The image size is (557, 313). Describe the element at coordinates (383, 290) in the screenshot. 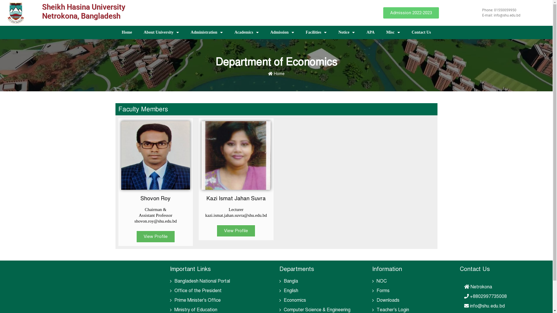

I see `'Forms'` at that location.